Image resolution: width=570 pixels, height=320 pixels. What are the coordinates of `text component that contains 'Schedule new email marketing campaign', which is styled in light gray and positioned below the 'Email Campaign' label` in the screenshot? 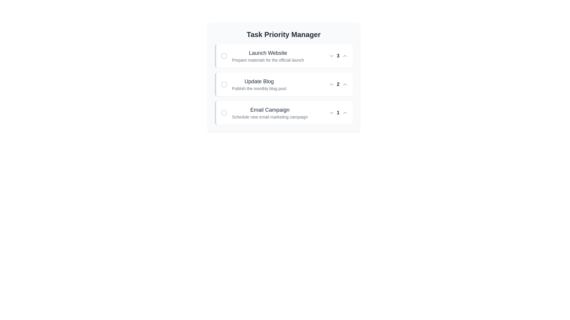 It's located at (270, 117).